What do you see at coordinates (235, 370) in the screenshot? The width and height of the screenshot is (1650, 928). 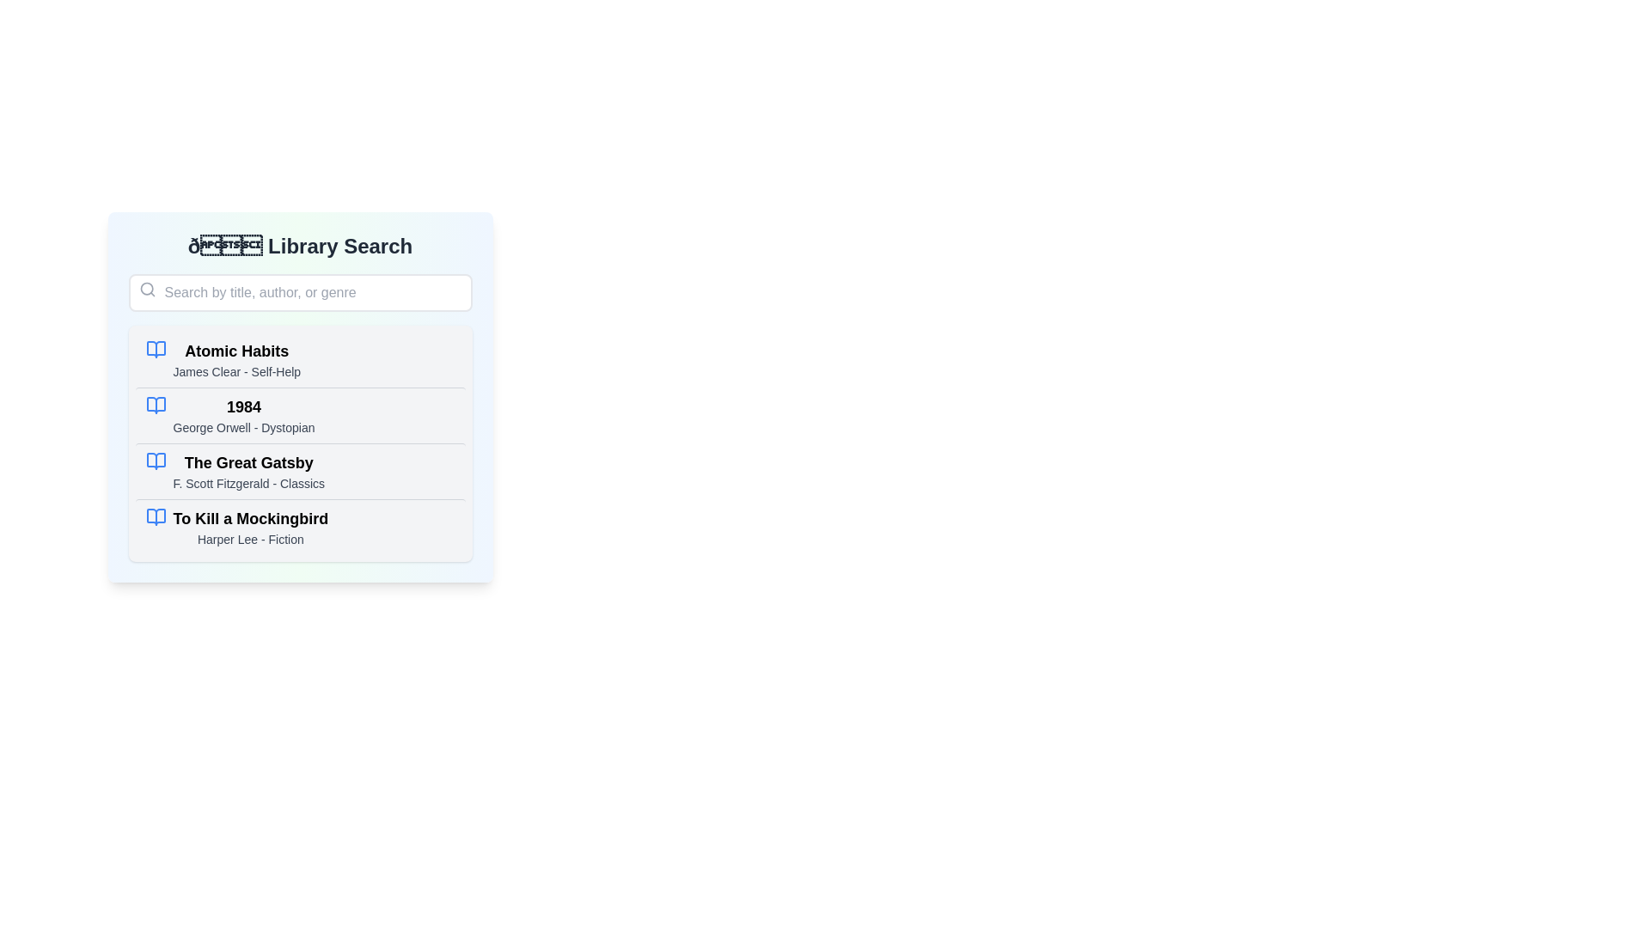 I see `the text label displaying 'James Clear - Self-Help', which is styled in a small gray font and positioned directly below 'Atomic Habits'` at bounding box center [235, 370].